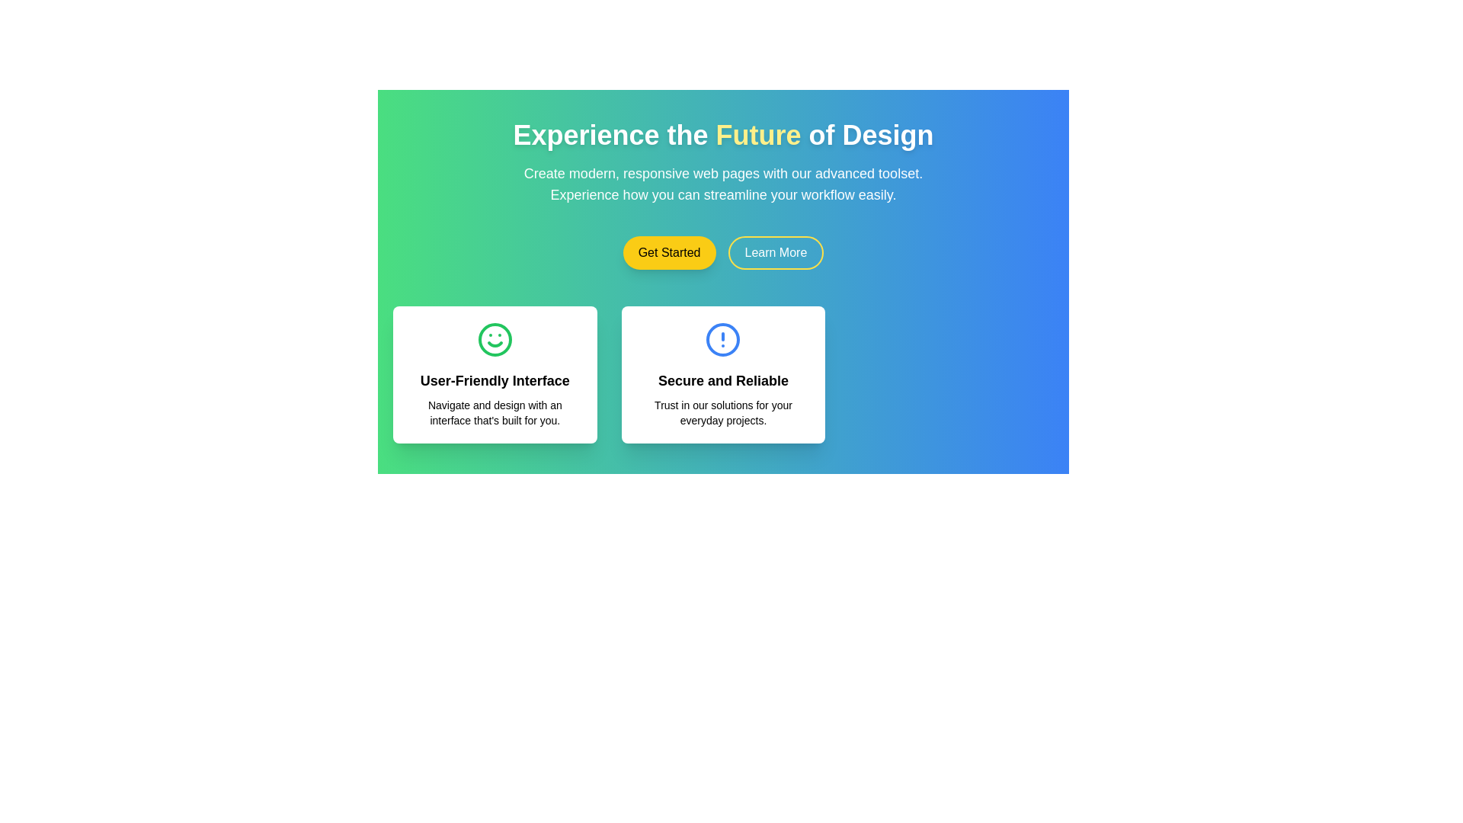 The height and width of the screenshot is (823, 1463). Describe the element at coordinates (776, 251) in the screenshot. I see `the call-to-action button located to the right of the 'Get Started' button` at that location.